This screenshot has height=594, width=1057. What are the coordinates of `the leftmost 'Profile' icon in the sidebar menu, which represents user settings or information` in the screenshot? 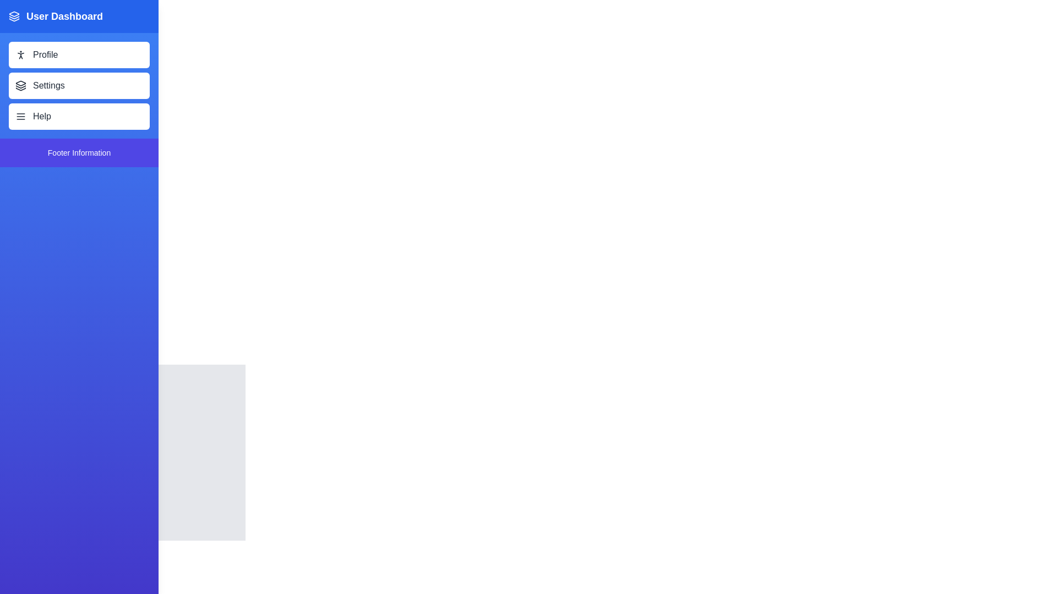 It's located at (21, 55).